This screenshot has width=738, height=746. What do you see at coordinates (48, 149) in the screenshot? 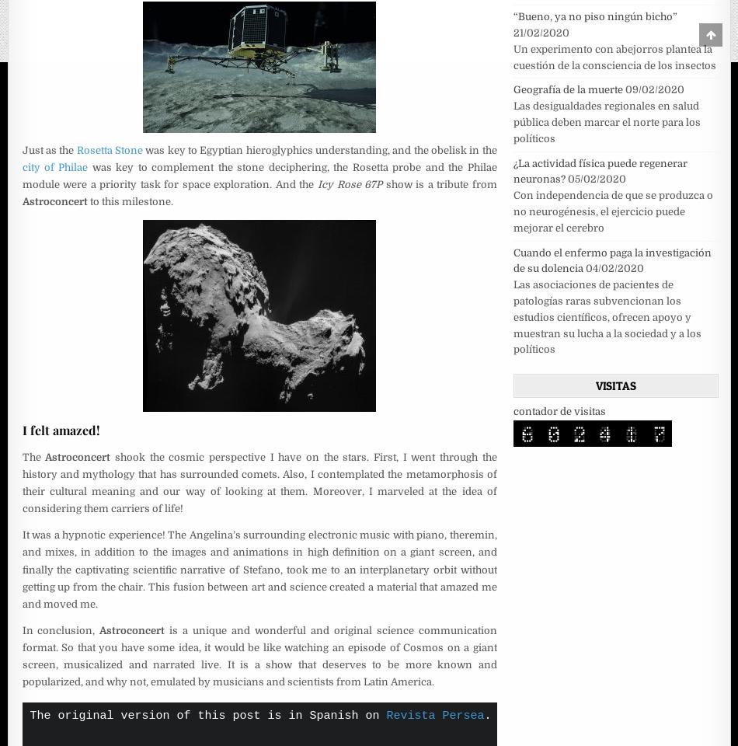
I see `'Just as the'` at bounding box center [48, 149].